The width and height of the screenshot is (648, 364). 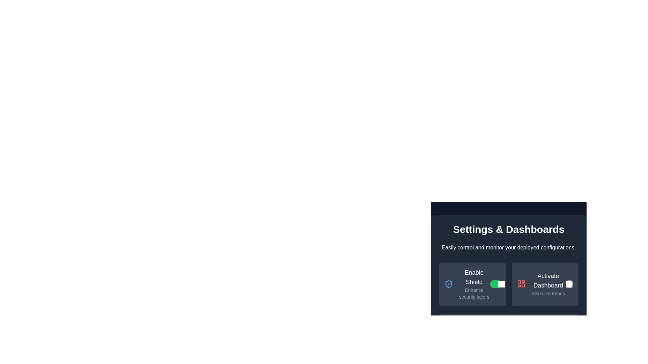 What do you see at coordinates (541, 284) in the screenshot?
I see `the dashboard activation button, which is the second option in a row of cards, visually centered within its card and located right of the 'Enable Shield' button card` at bounding box center [541, 284].